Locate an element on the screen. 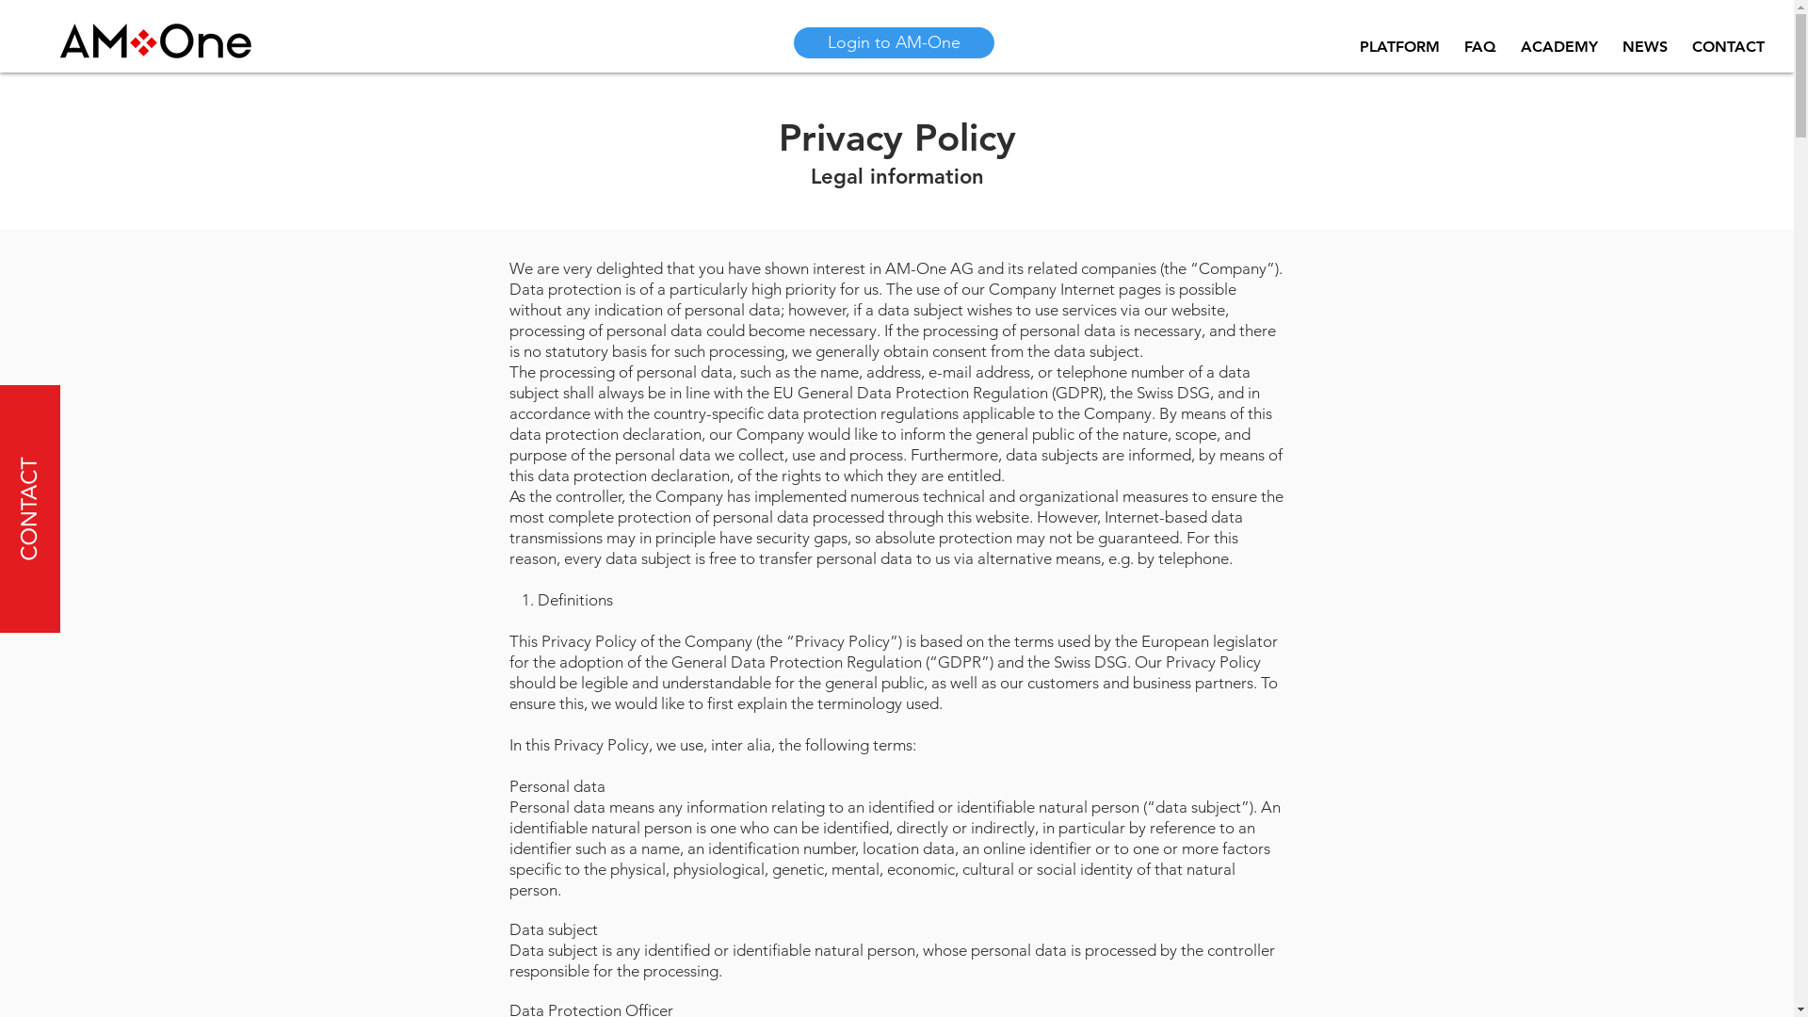 Image resolution: width=1808 pixels, height=1017 pixels. 'ACADEMY' is located at coordinates (1559, 46).